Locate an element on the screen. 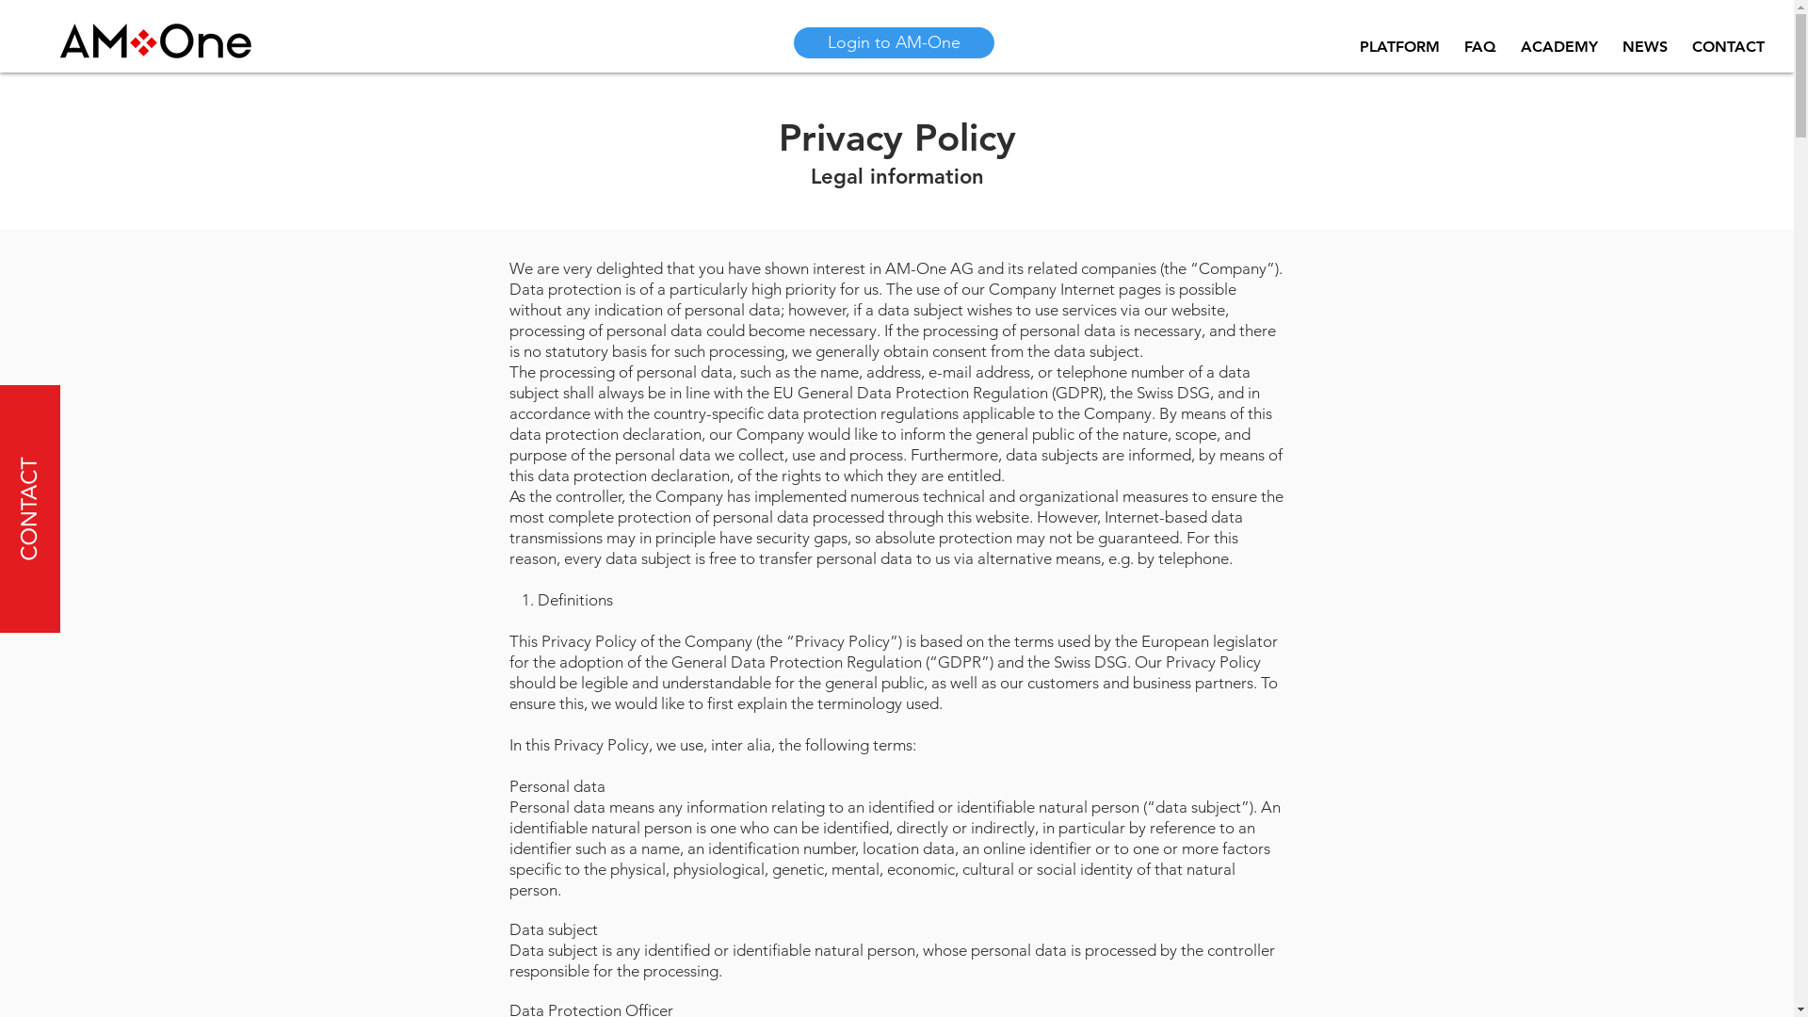 Image resolution: width=1808 pixels, height=1017 pixels. 'ACADEMY' is located at coordinates (1559, 46).